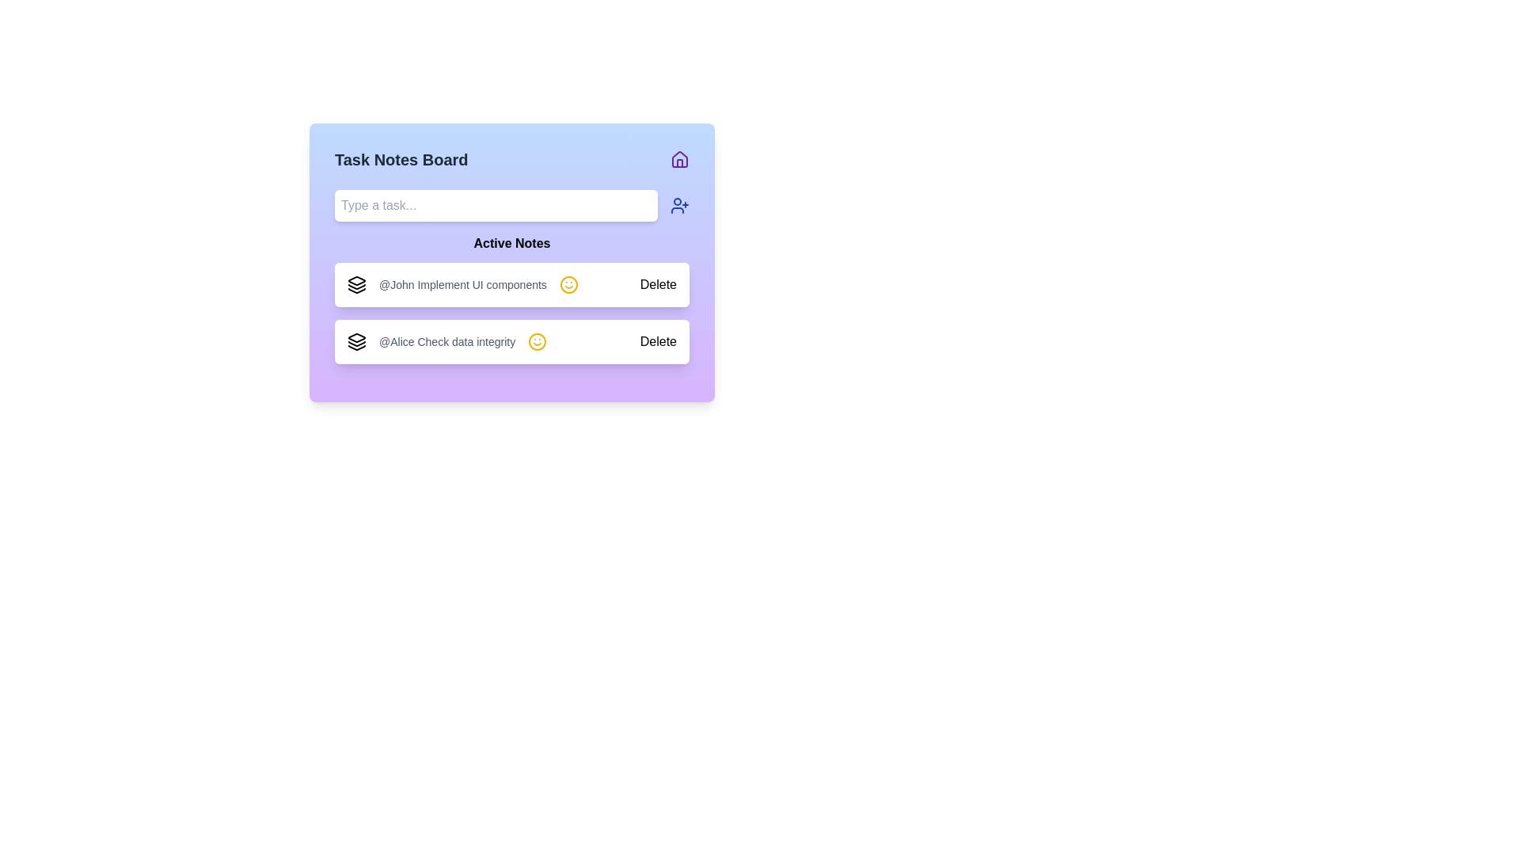  I want to click on the static text display element showing '@John Implement UI components', which is located within the first task item in the 'Active Notes' section, positioned to the left of a yellow smiley face icon and to the right of a stack-shaped icon, so click(462, 283).